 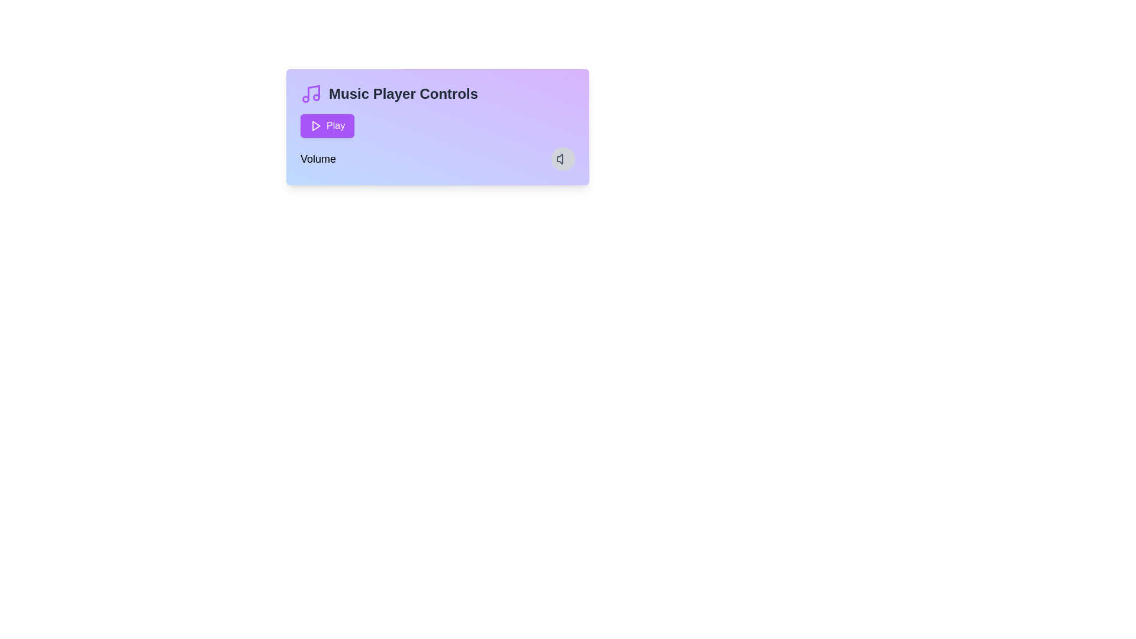 I want to click on the triangular purple play icon located inside the 'Play' button in the Music Player Controls section, so click(x=316, y=125).